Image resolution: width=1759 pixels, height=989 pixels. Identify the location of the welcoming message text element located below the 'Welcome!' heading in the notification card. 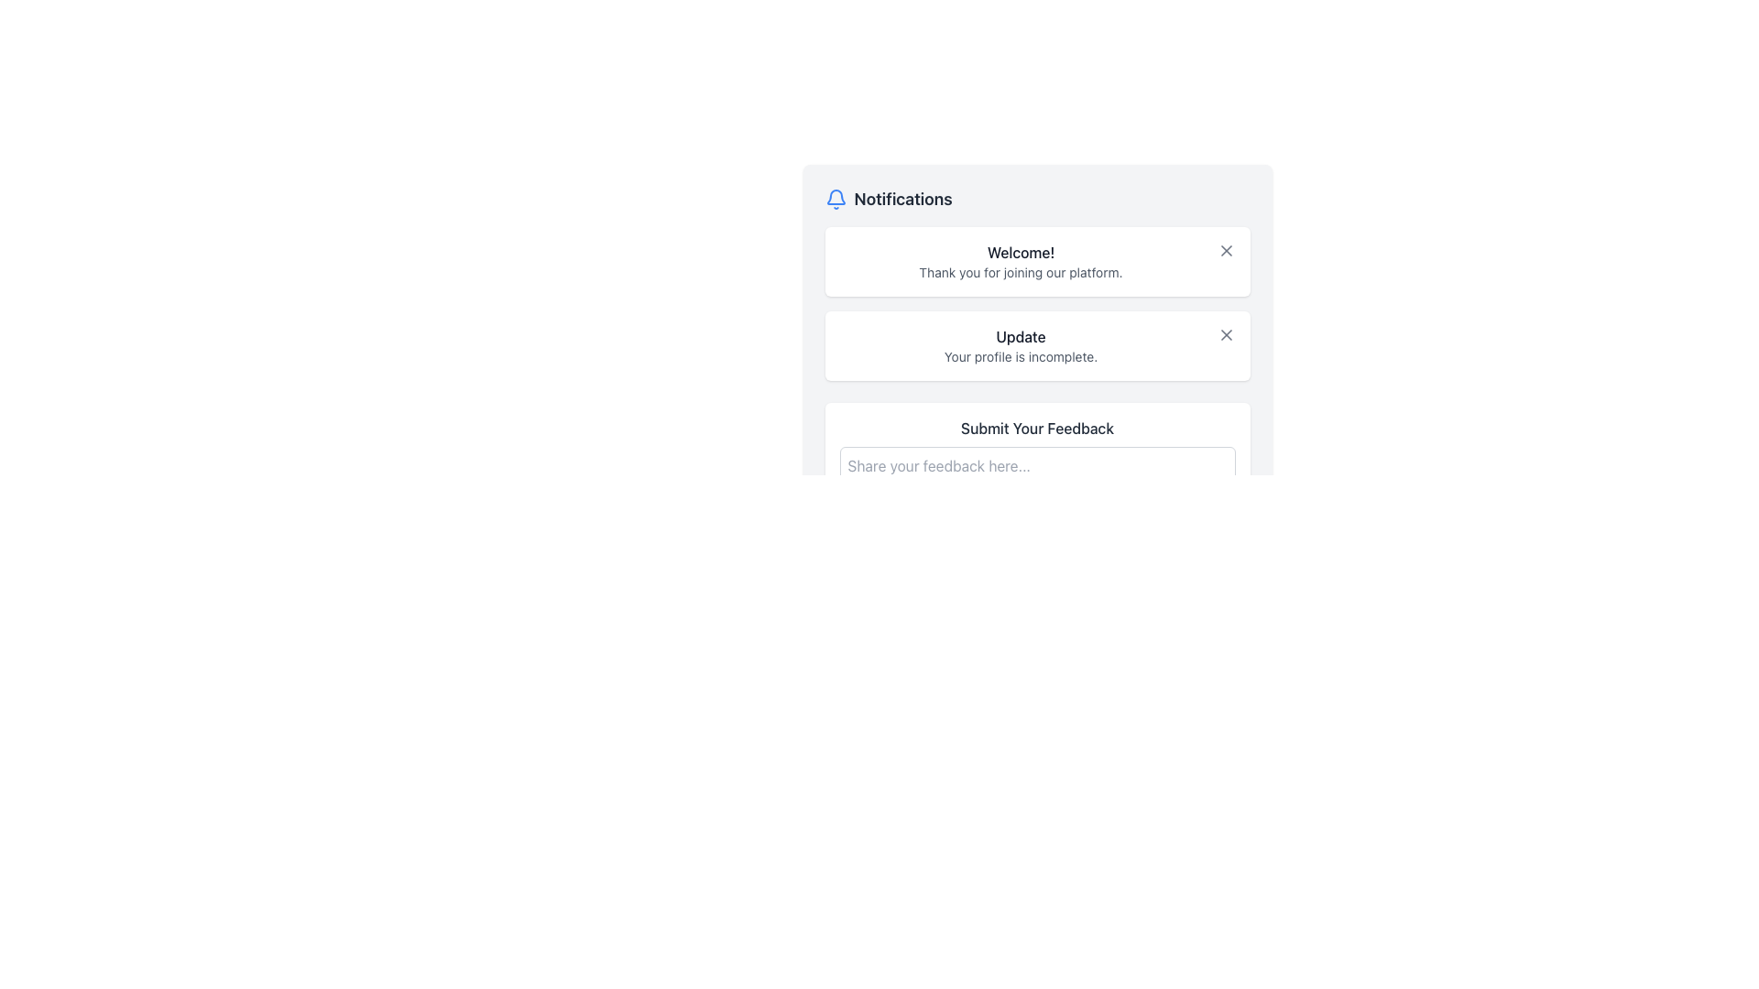
(1020, 272).